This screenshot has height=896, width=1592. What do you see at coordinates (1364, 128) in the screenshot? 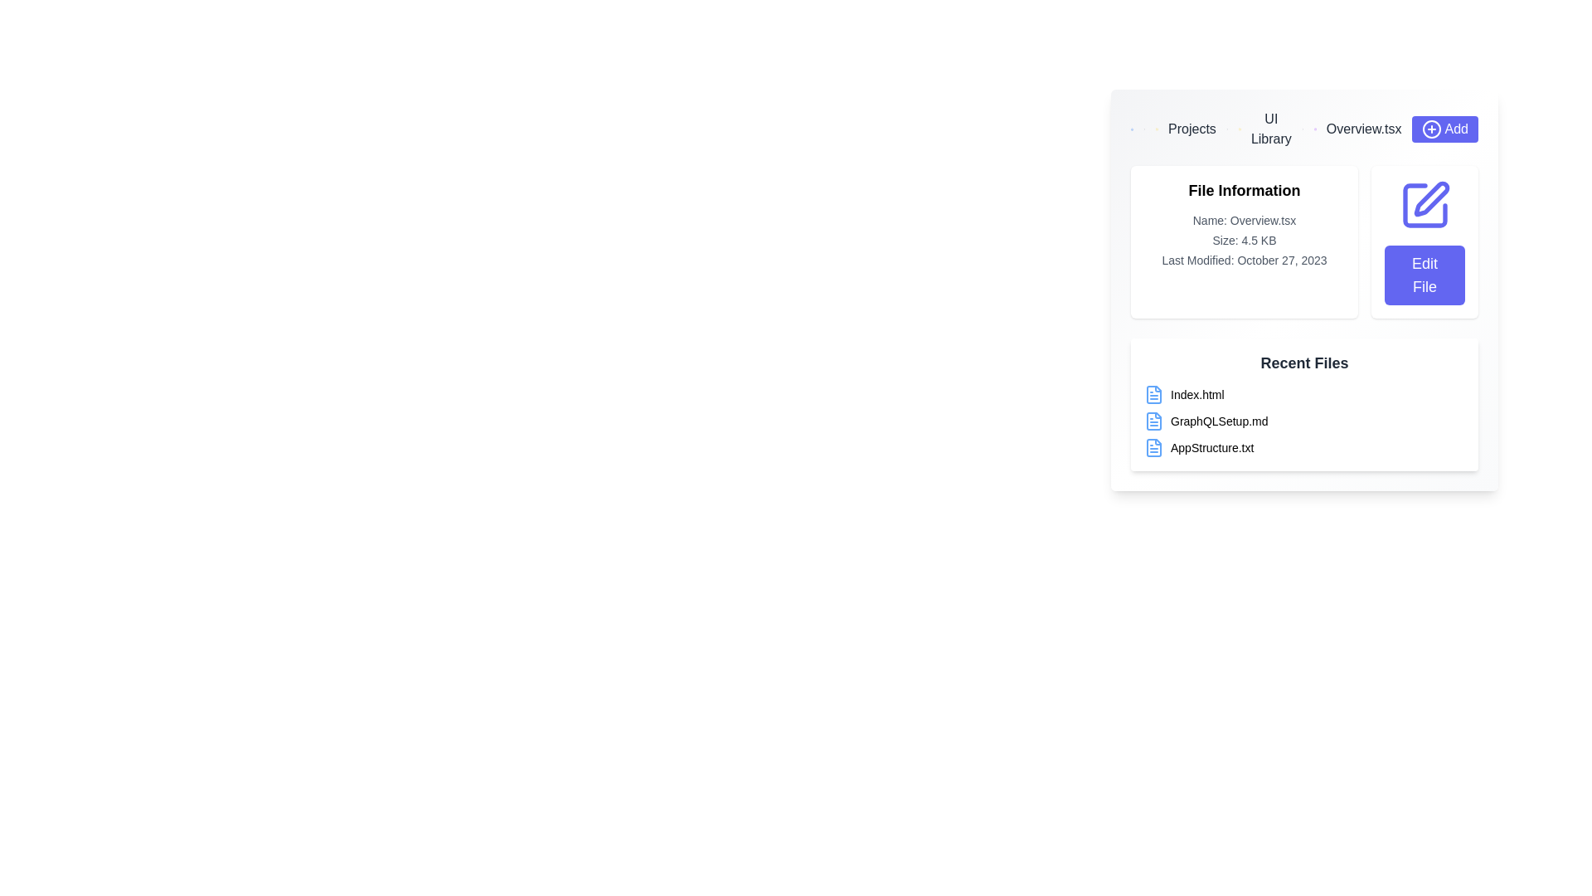
I see `the Navigation Breadcrumb located between the 'UI Library' breadcrumb and the 'Add' button` at bounding box center [1364, 128].